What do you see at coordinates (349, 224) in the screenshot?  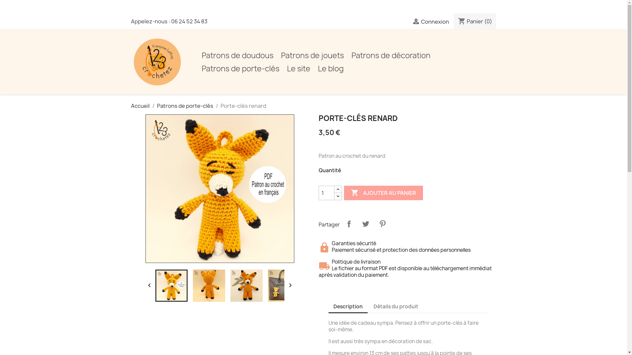 I see `'Partager'` at bounding box center [349, 224].